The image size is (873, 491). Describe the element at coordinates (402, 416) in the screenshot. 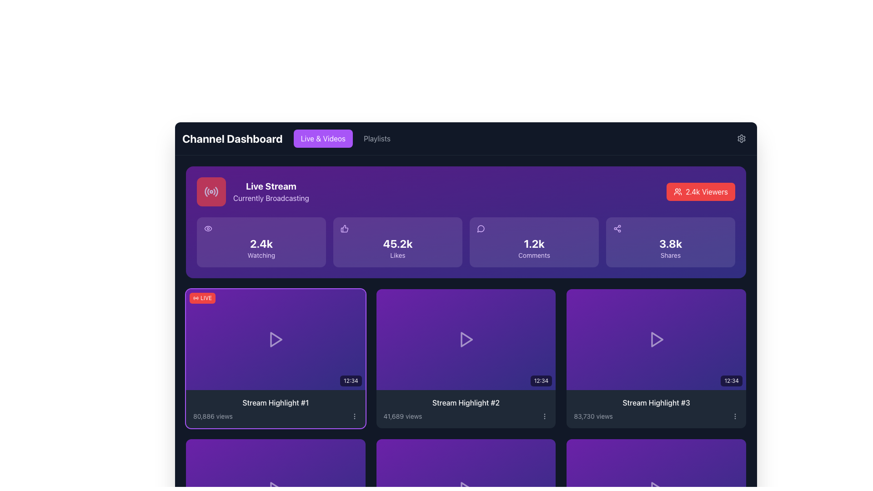

I see `text content of the gray-colored textual display that shows '41,689 views' in the bottom-right section of the video thumbnail titled 'Stream Highlight #2'` at that location.